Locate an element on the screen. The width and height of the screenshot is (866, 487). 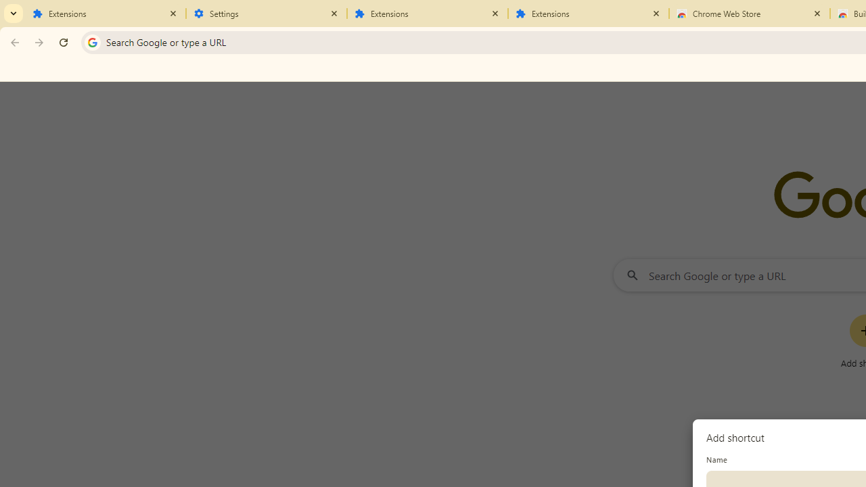
'Settings' is located at coordinates (267, 14).